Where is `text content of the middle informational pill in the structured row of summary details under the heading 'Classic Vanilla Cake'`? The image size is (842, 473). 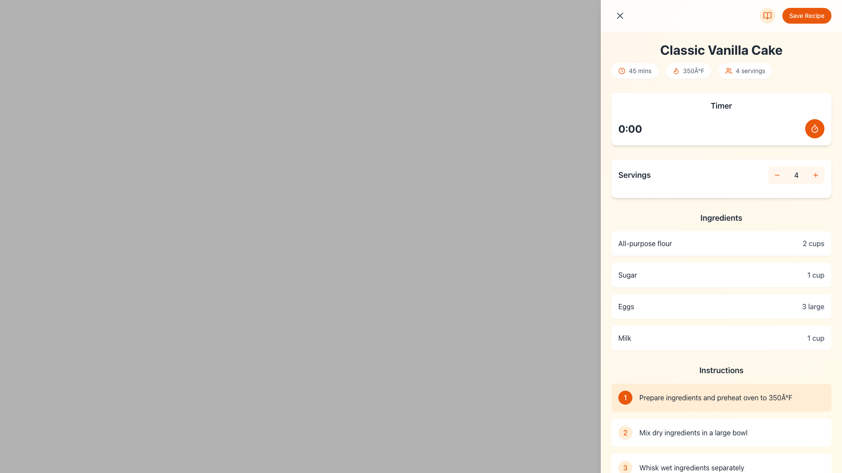
text content of the middle informational pill in the structured row of summary details under the heading 'Classic Vanilla Cake' is located at coordinates (721, 71).